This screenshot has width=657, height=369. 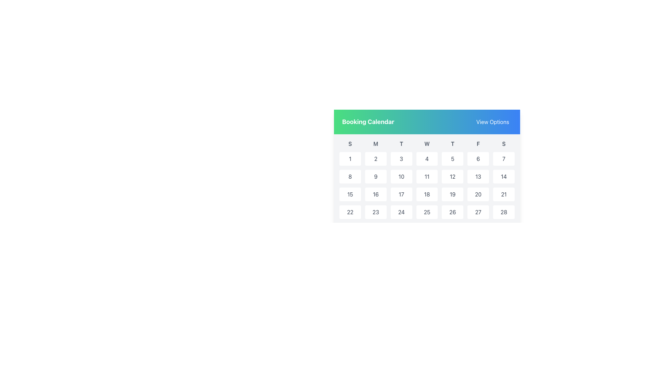 What do you see at coordinates (504, 159) in the screenshot?
I see `text content of the calendar day element representing '7' located under the 'S' heading in the calendar interface` at bounding box center [504, 159].